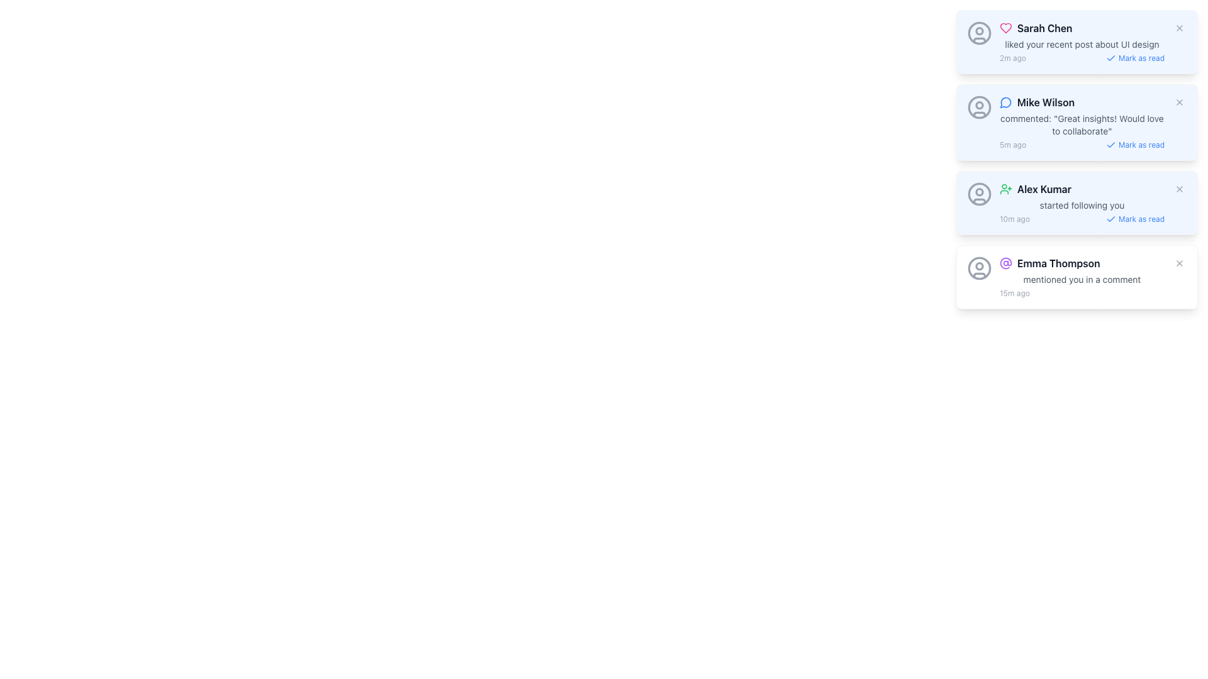 The image size is (1208, 679). What do you see at coordinates (1014, 218) in the screenshot?
I see `the informational text label indicating the time elapsed since the notification event occurred, located at the bottom-left side of the notification card for the event by Alex Kumar` at bounding box center [1014, 218].